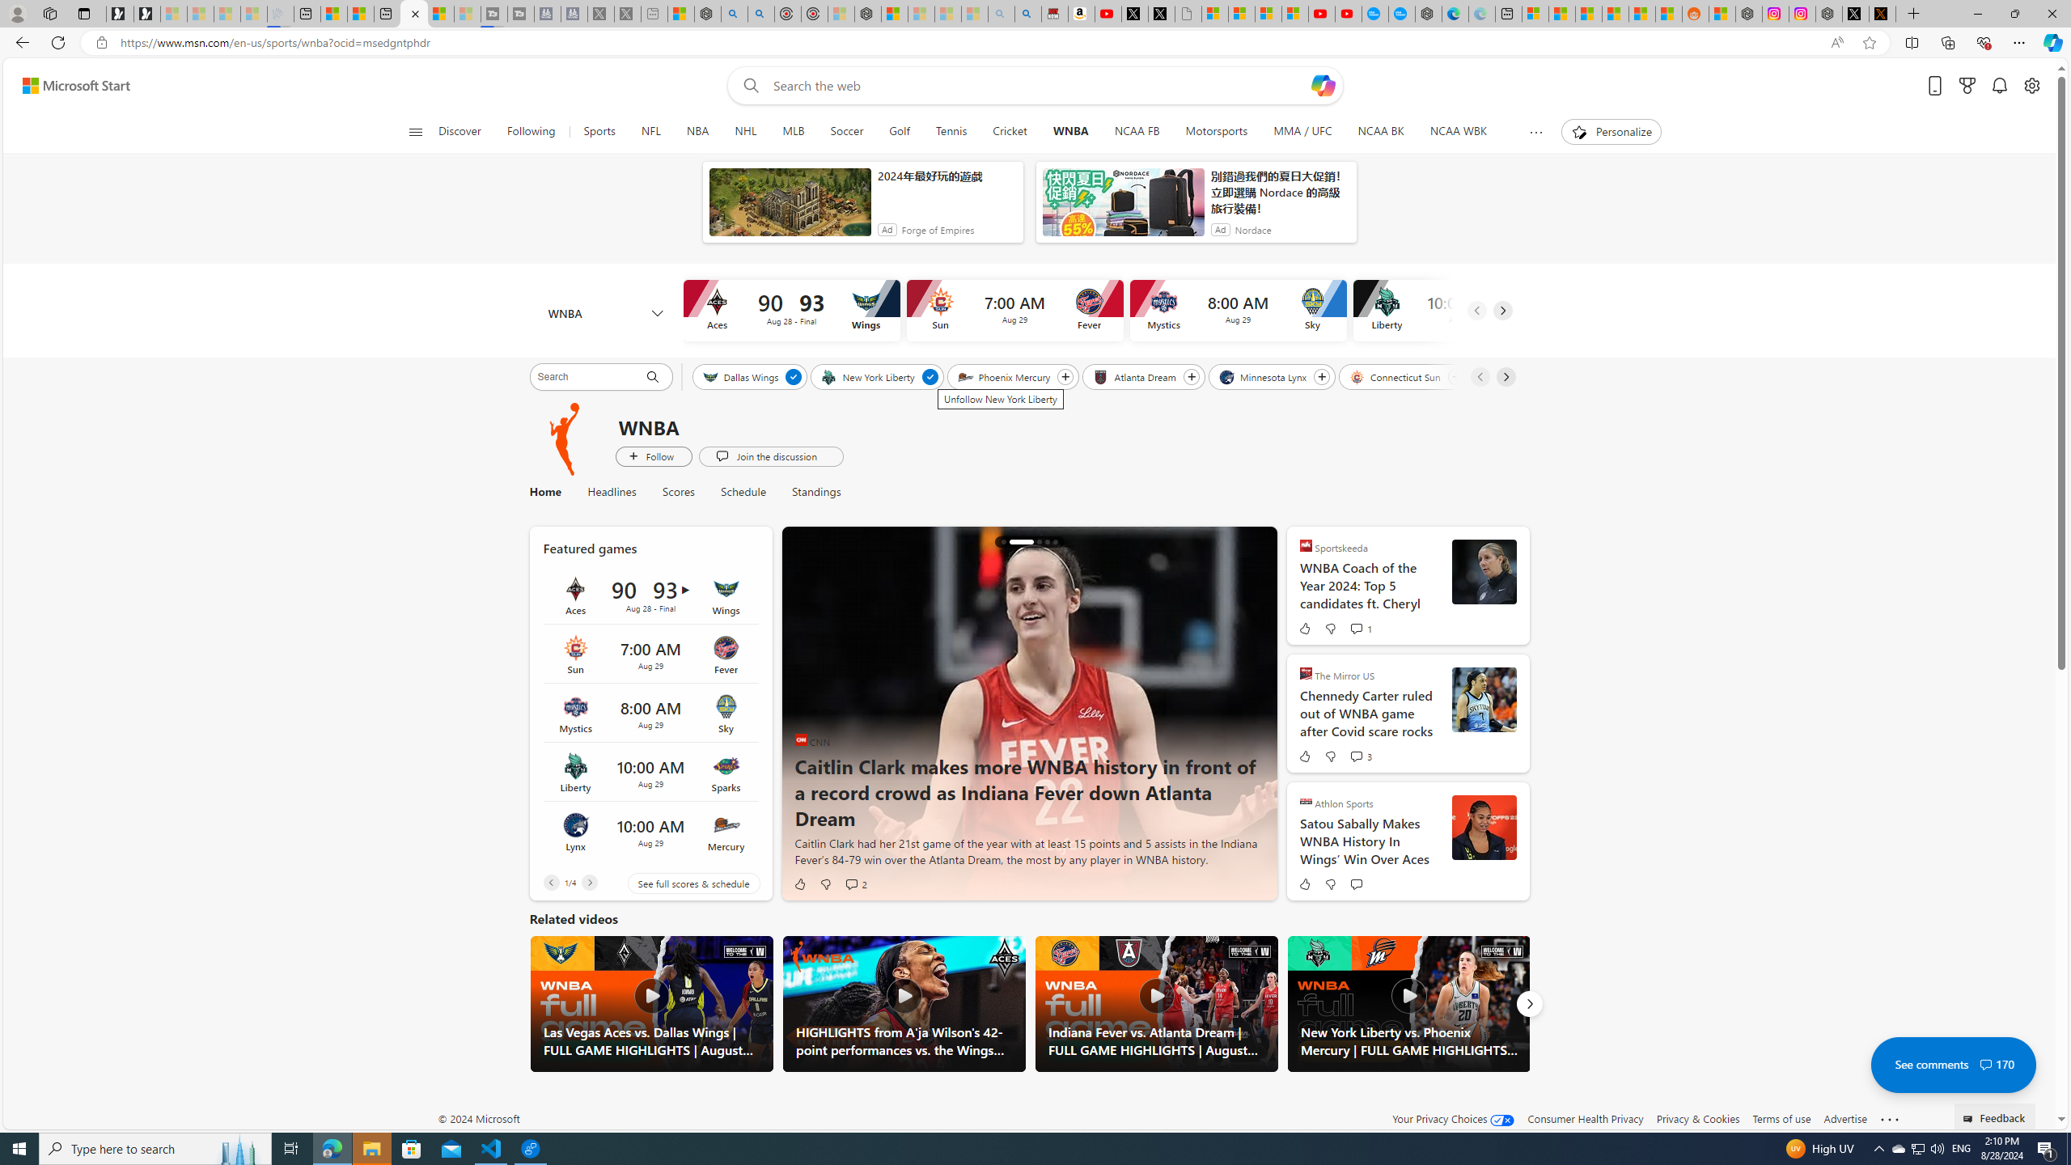 This screenshot has width=2071, height=1165. Describe the element at coordinates (1122, 207) in the screenshot. I see `'anim-content'` at that location.